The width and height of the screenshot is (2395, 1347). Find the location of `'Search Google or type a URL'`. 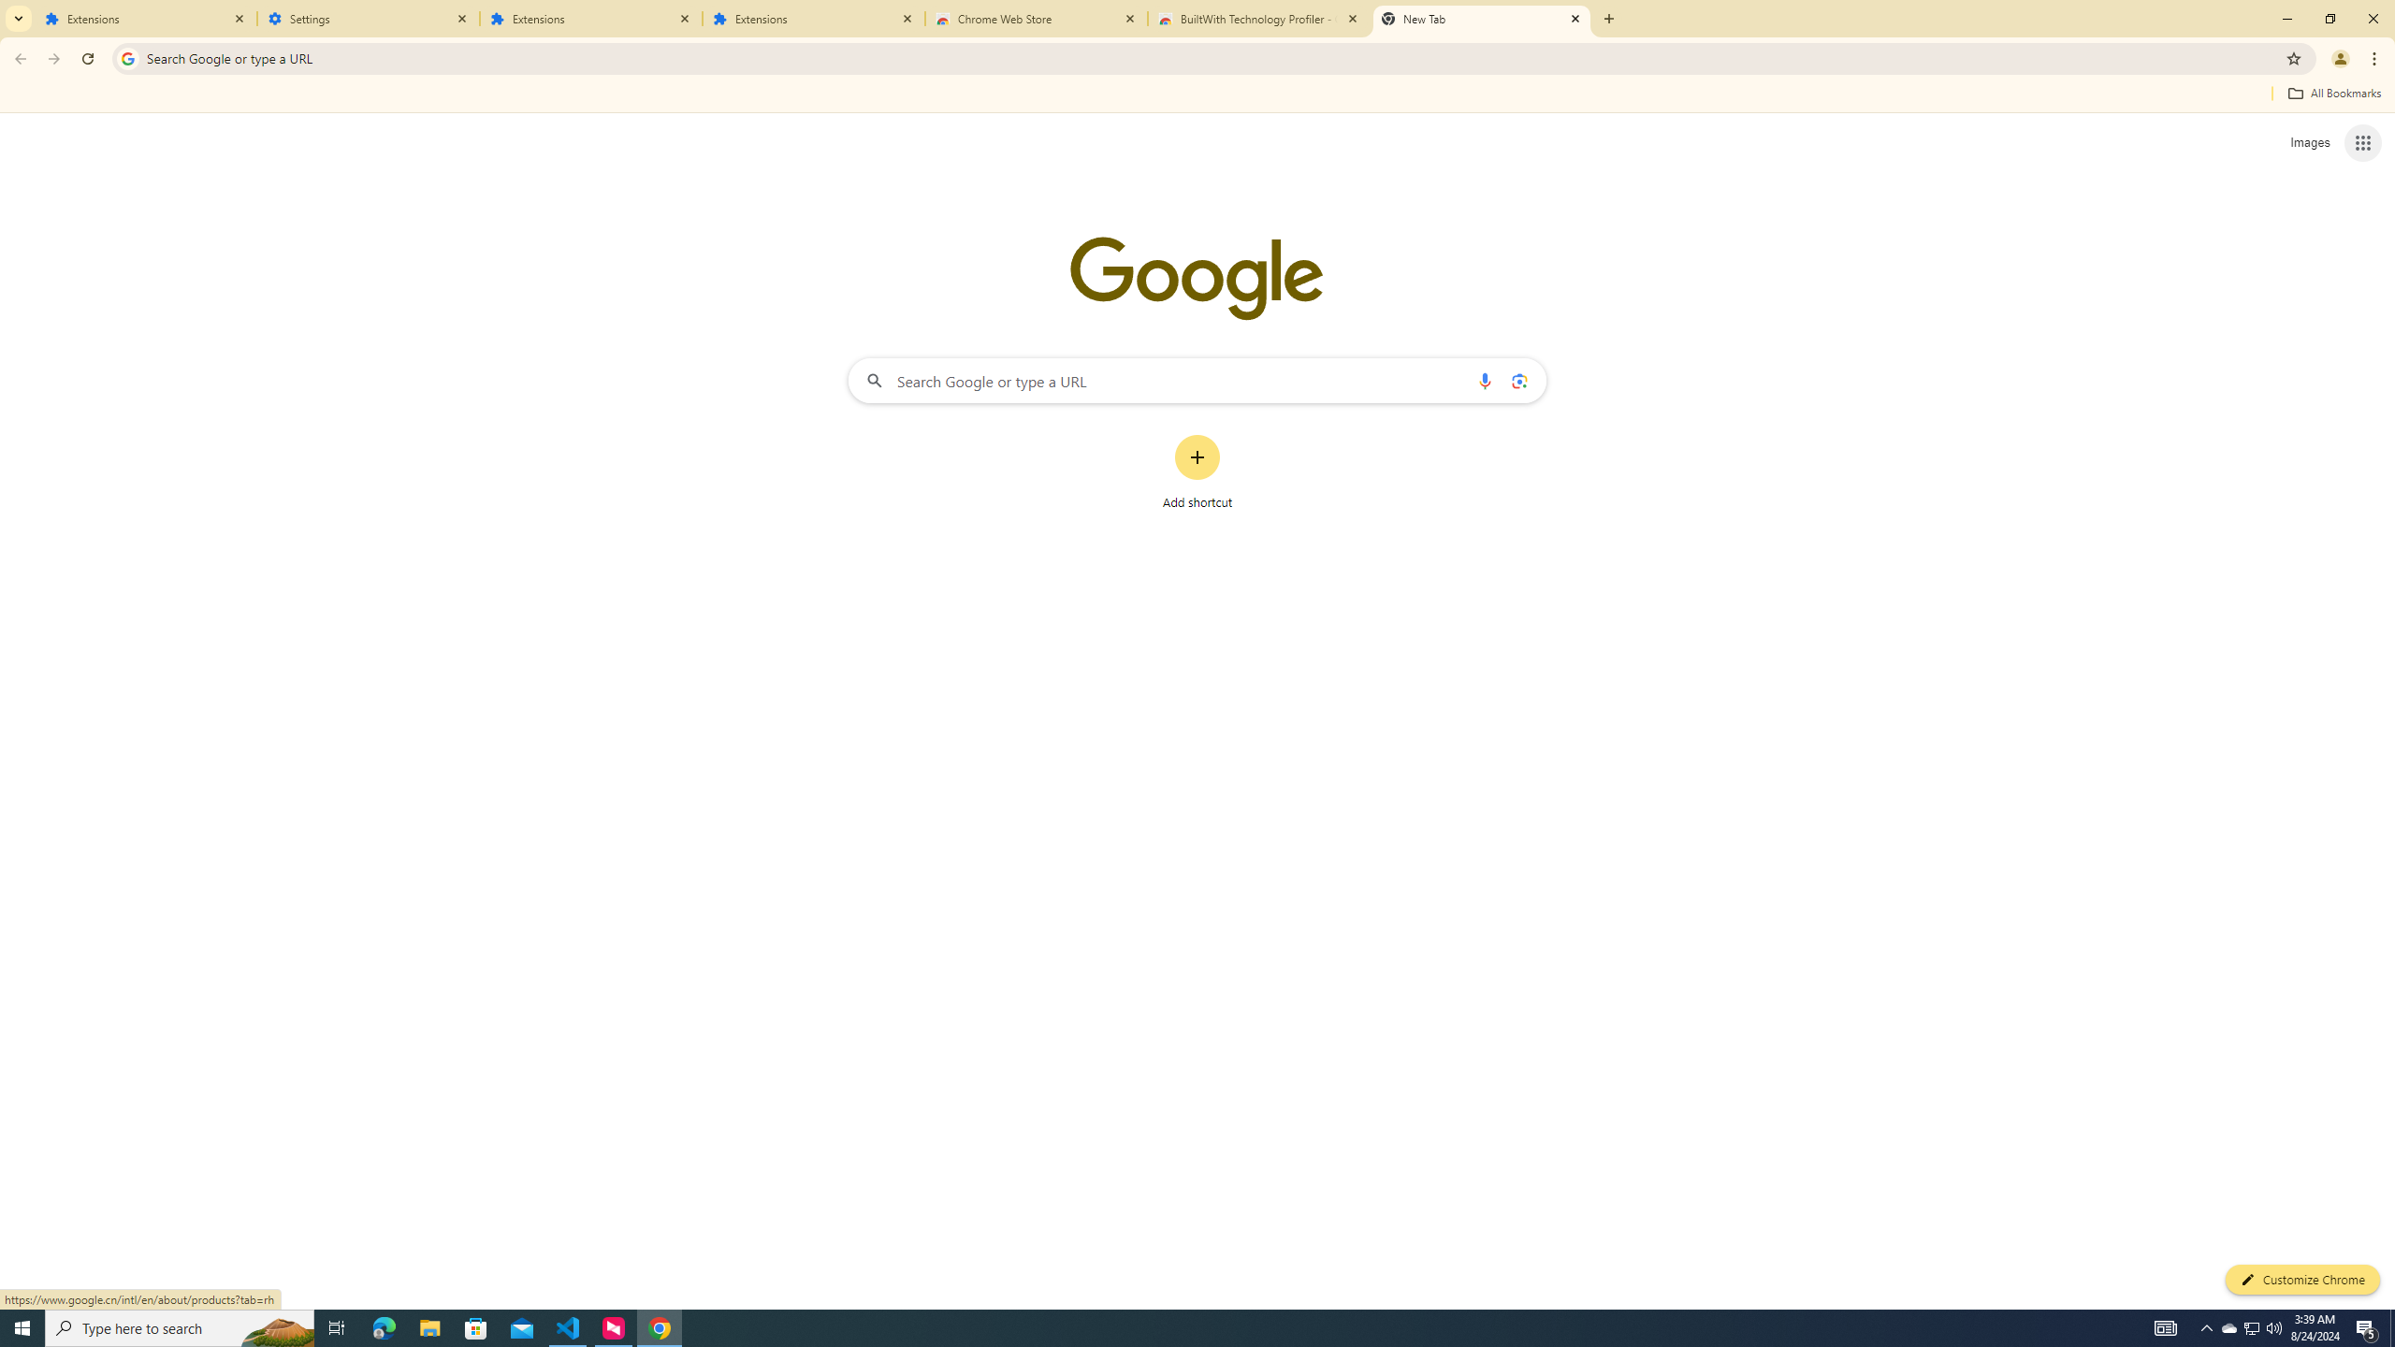

'Search Google or type a URL' is located at coordinates (1197, 379).